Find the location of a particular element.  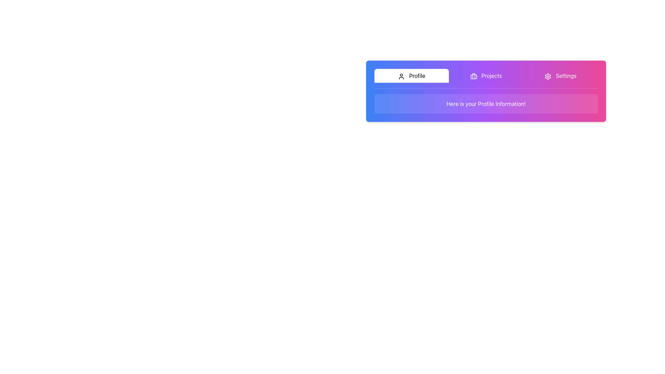

the 'Profile' navigation button located in the top section of the interface is located at coordinates (411, 76).